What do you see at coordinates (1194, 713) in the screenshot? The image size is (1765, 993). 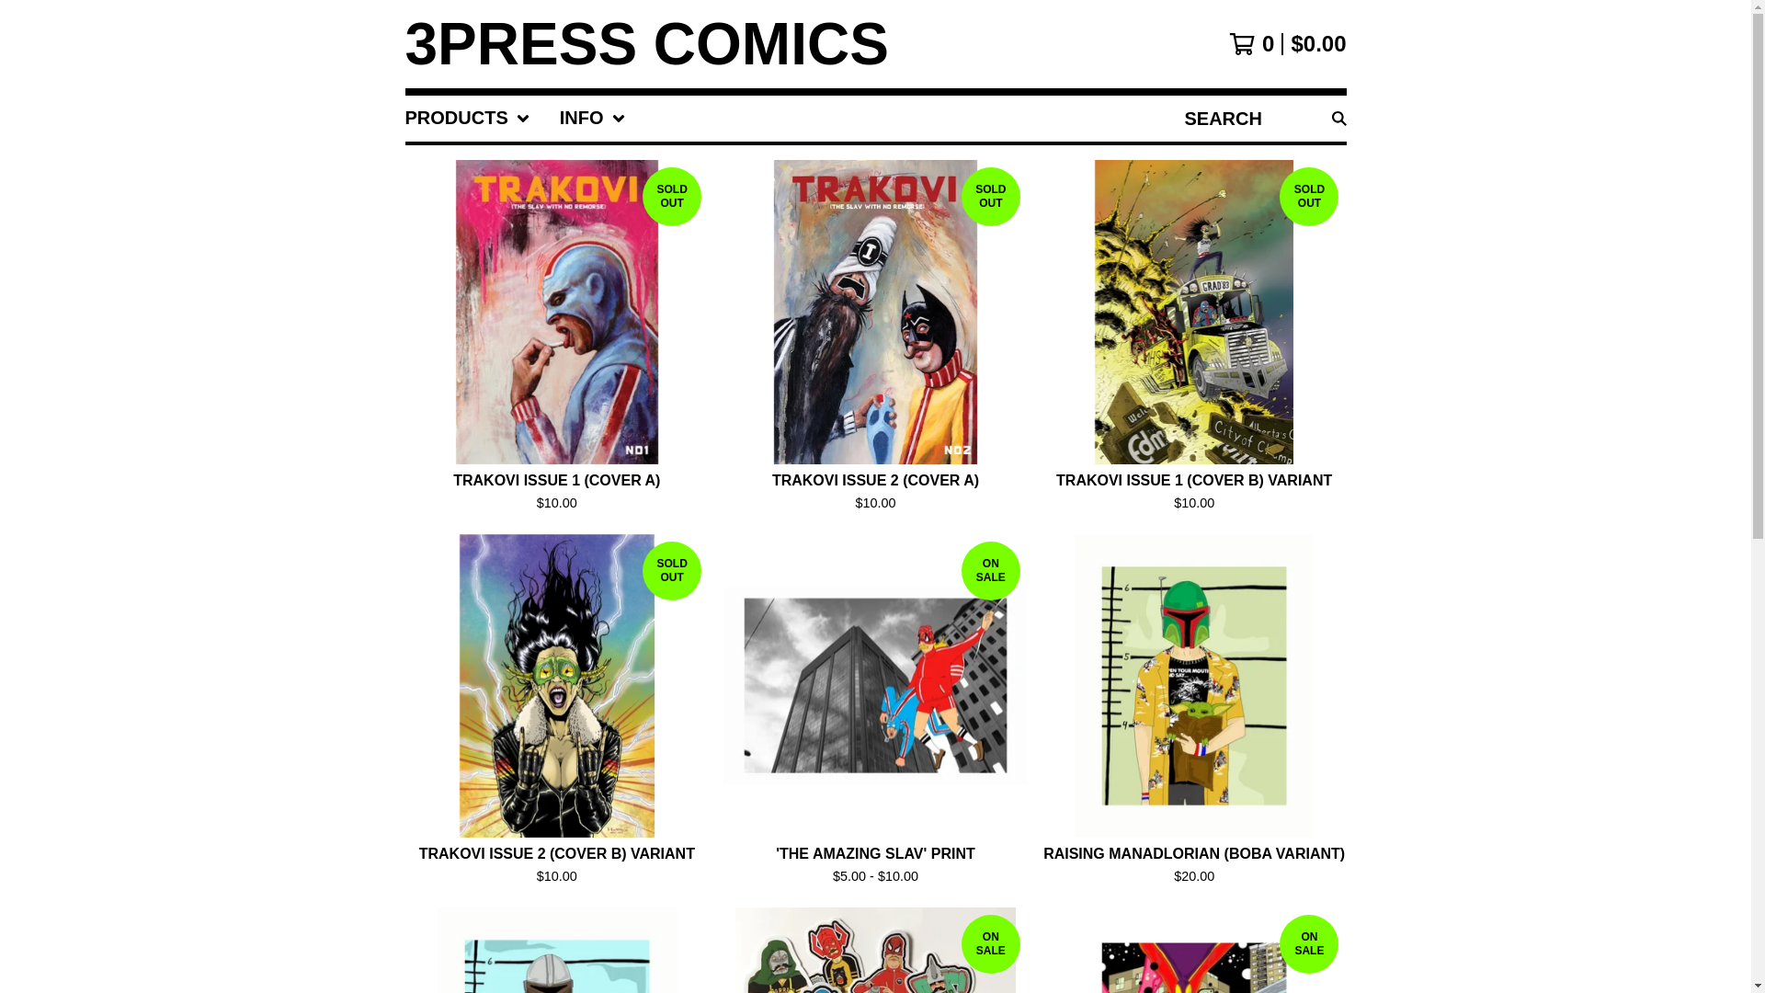 I see `'RAISING MANADLORIAN (BOBA VARIANT)` at bounding box center [1194, 713].